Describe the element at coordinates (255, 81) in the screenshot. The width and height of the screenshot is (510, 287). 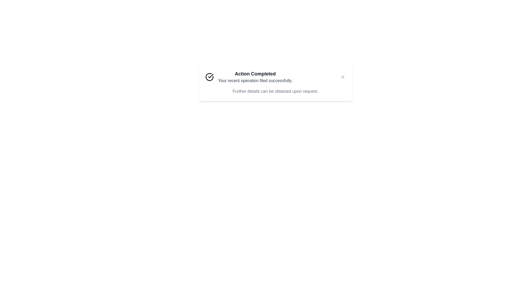
I see `informational text label displaying 'Your recent operation filed successfully.' located below the header 'Action Completed'` at that location.